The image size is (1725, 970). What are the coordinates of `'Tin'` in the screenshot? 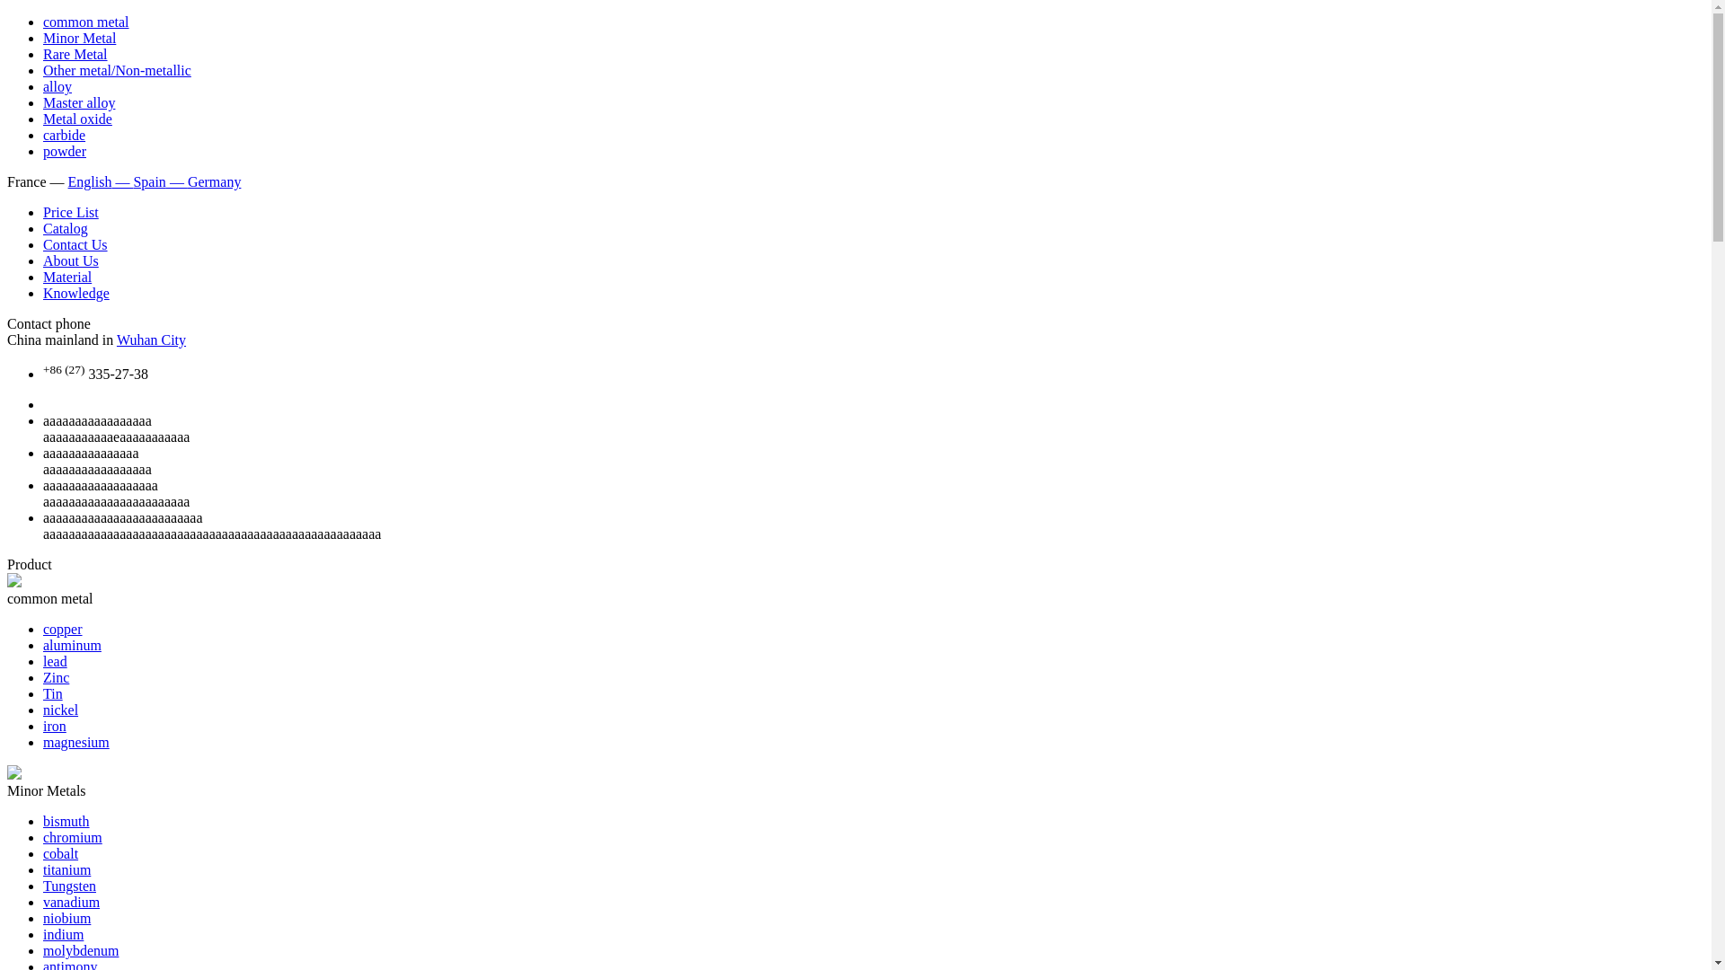 It's located at (52, 692).